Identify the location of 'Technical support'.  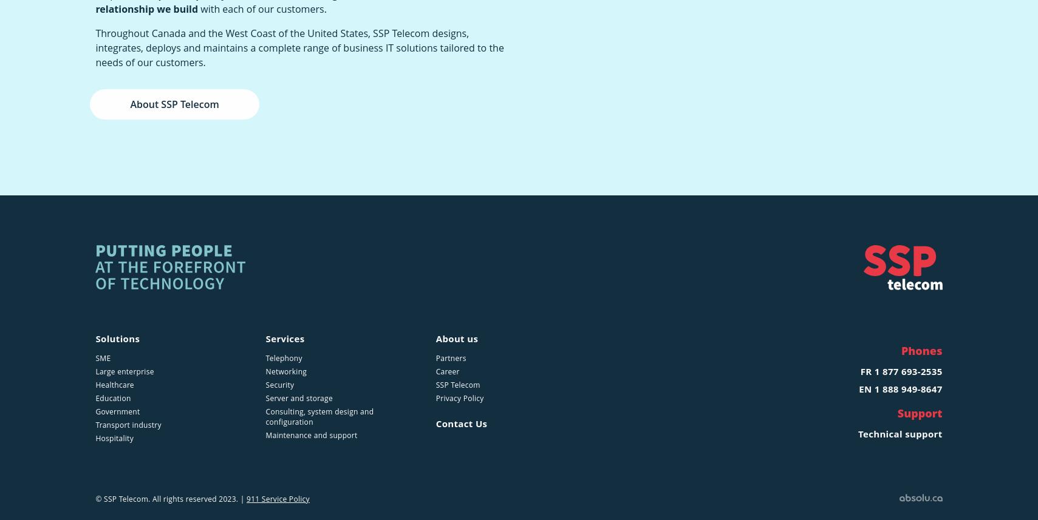
(900, 433).